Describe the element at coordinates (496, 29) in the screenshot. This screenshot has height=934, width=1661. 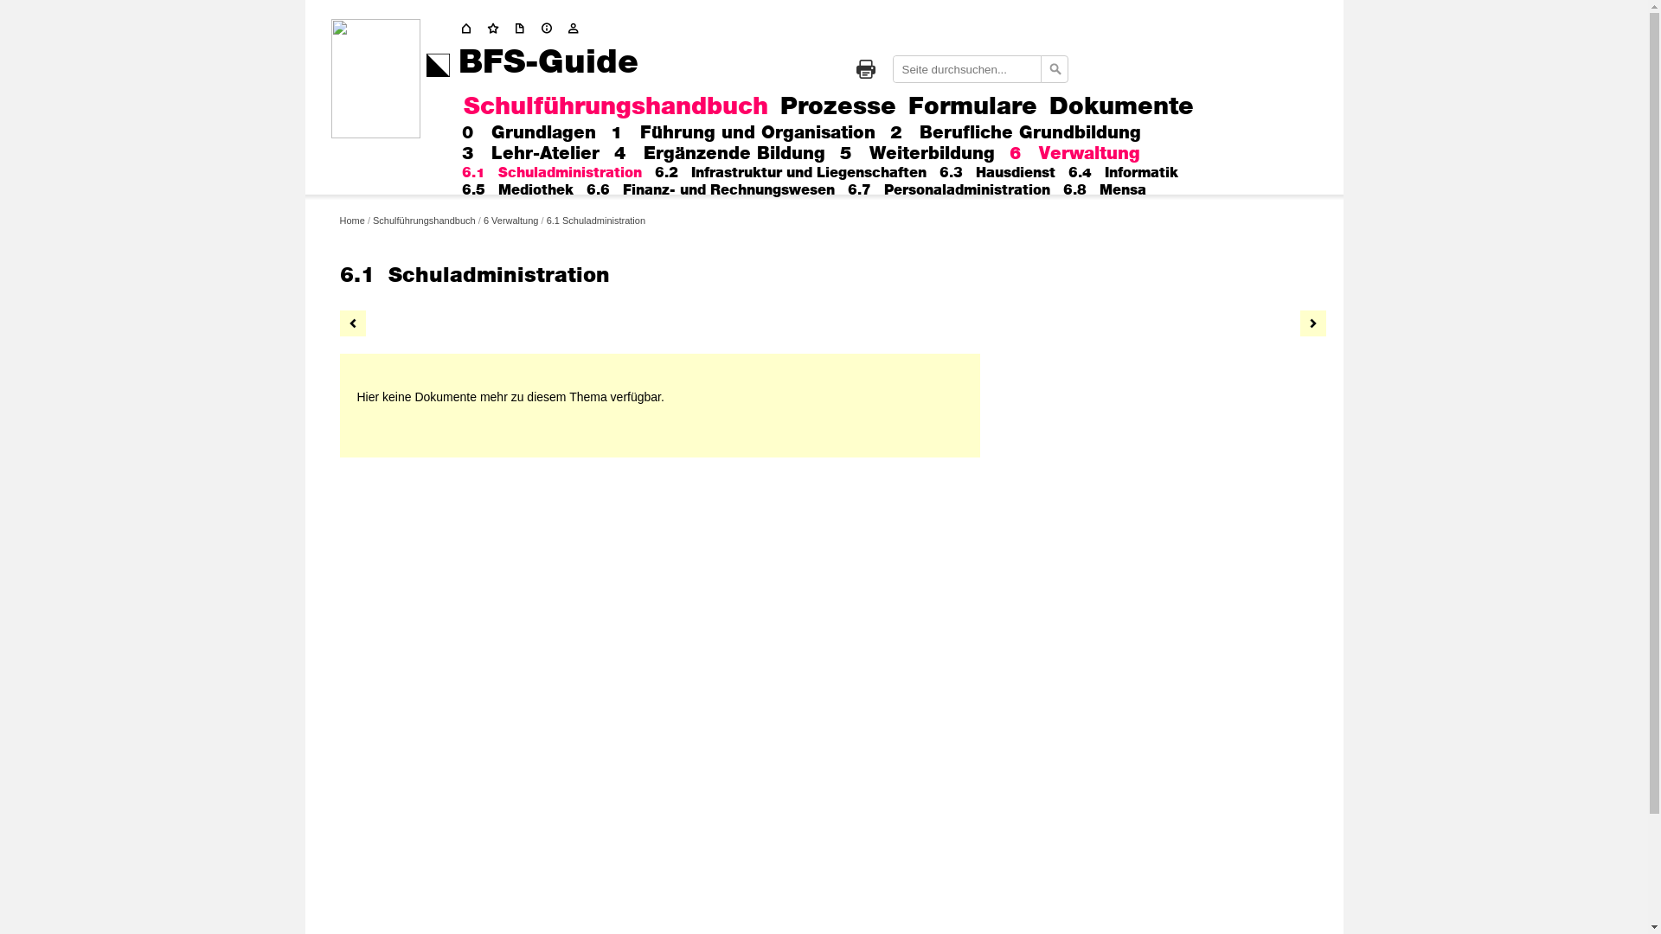
I see `'Start'` at that location.